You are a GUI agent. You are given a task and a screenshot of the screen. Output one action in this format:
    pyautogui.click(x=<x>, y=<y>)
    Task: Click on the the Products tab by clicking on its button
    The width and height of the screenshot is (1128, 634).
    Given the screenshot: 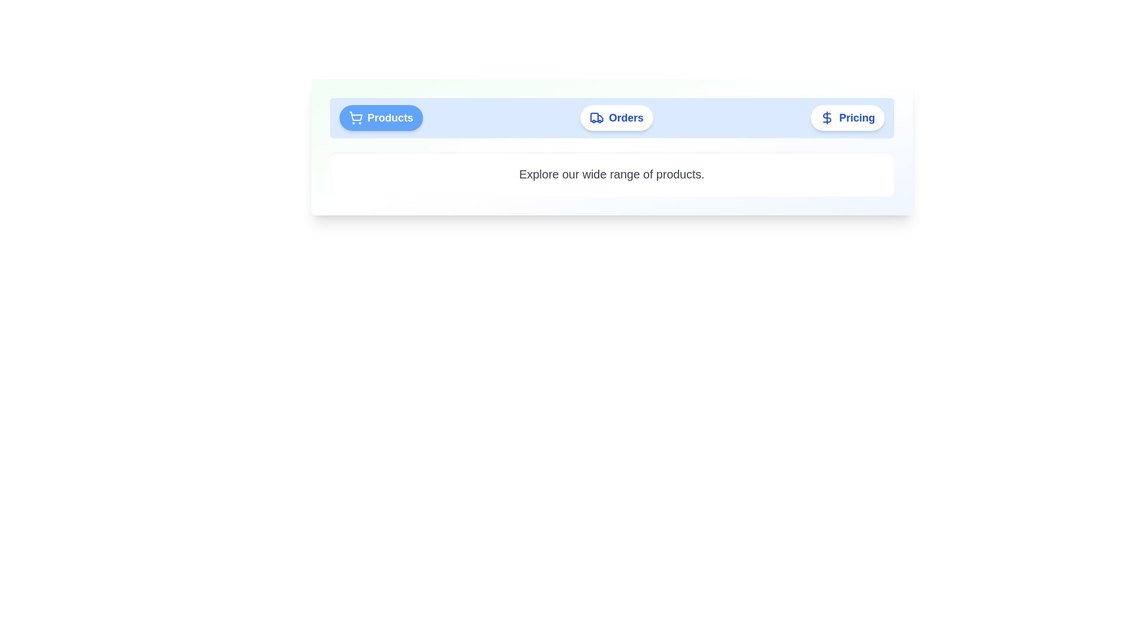 What is the action you would take?
    pyautogui.click(x=381, y=117)
    